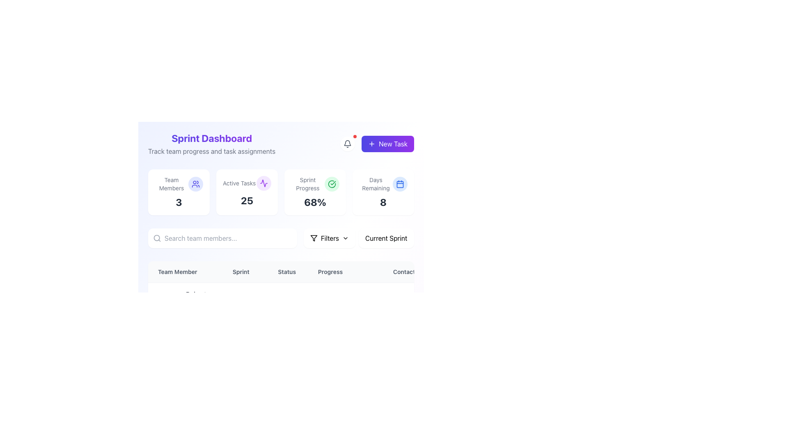 The image size is (788, 443). What do you see at coordinates (387, 144) in the screenshot?
I see `the button located in the top-right corner of the interface, next to the notification bell icon, to create a new task` at bounding box center [387, 144].